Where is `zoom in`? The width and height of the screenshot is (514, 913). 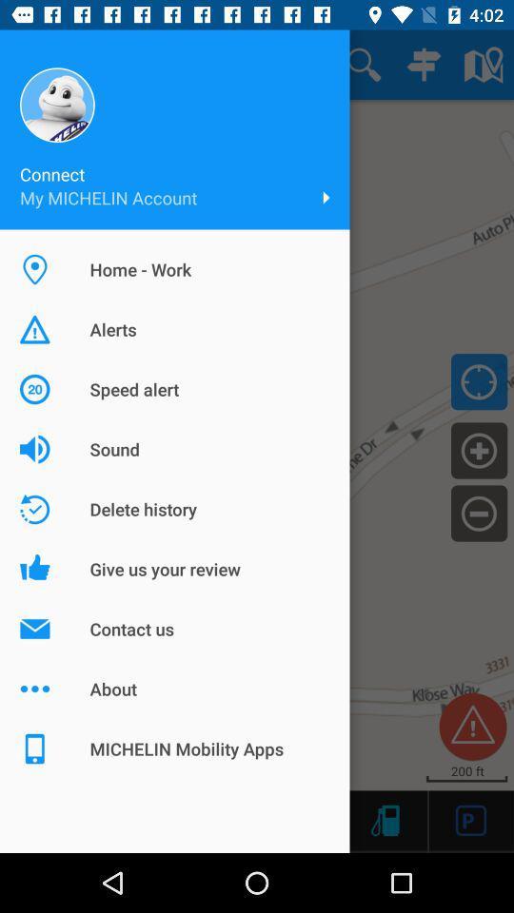 zoom in is located at coordinates (478, 450).